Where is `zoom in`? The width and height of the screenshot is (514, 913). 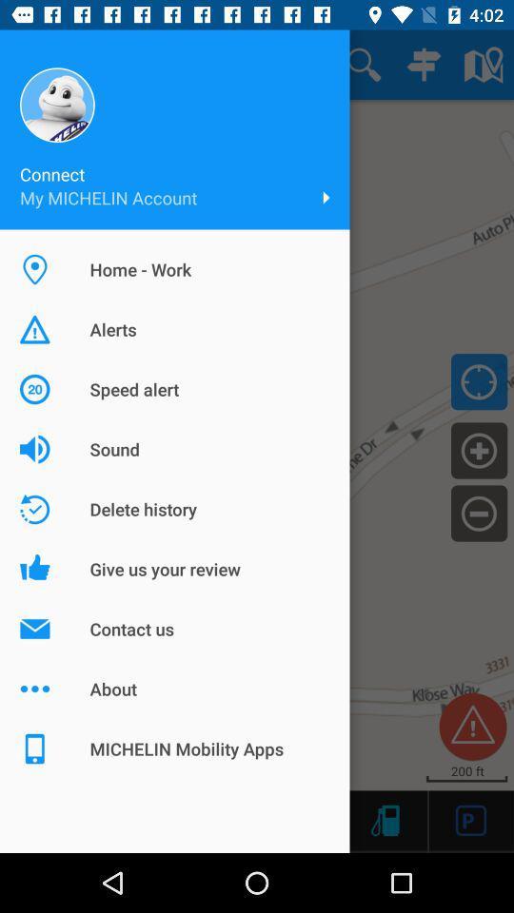 zoom in is located at coordinates (478, 450).